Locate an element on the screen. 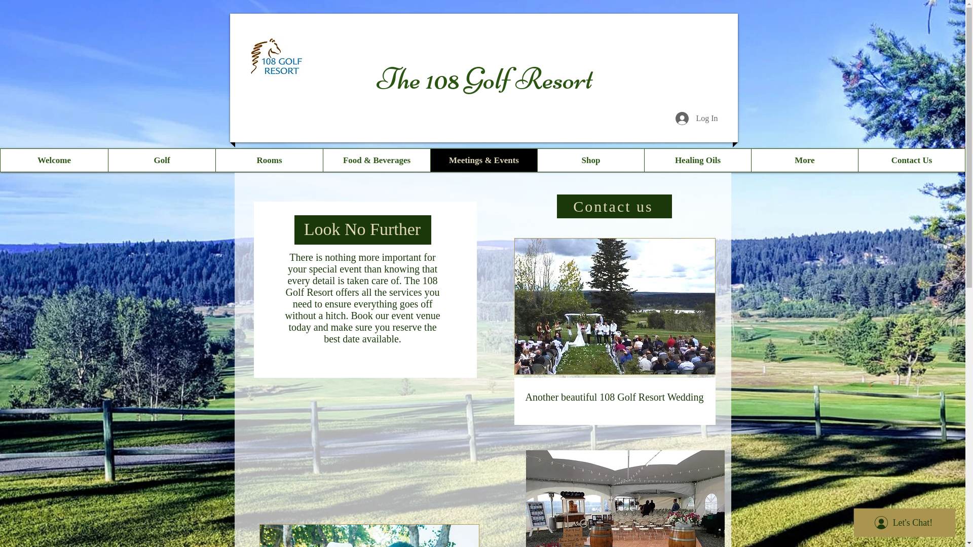  'Welcome' is located at coordinates (53, 160).